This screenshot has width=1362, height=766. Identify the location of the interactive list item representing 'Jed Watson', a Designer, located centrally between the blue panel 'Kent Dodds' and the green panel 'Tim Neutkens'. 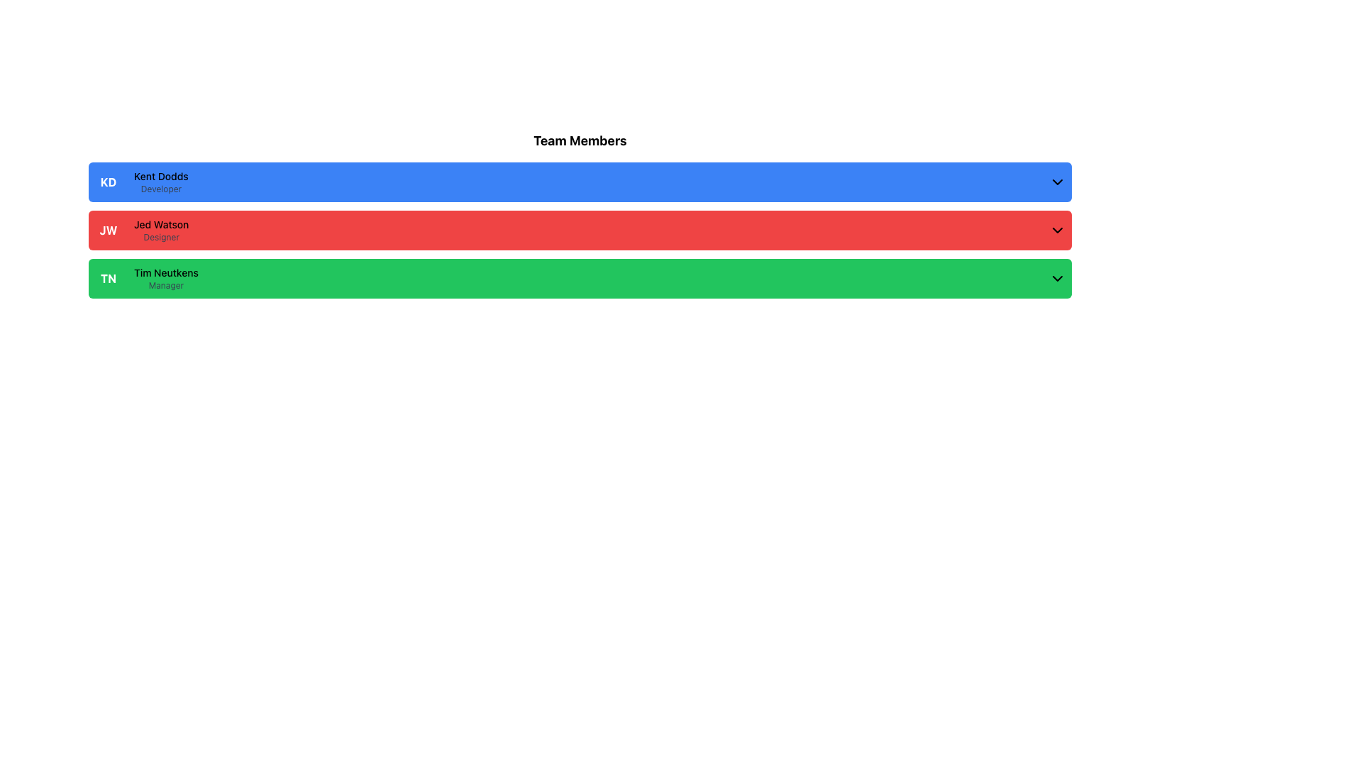
(580, 229).